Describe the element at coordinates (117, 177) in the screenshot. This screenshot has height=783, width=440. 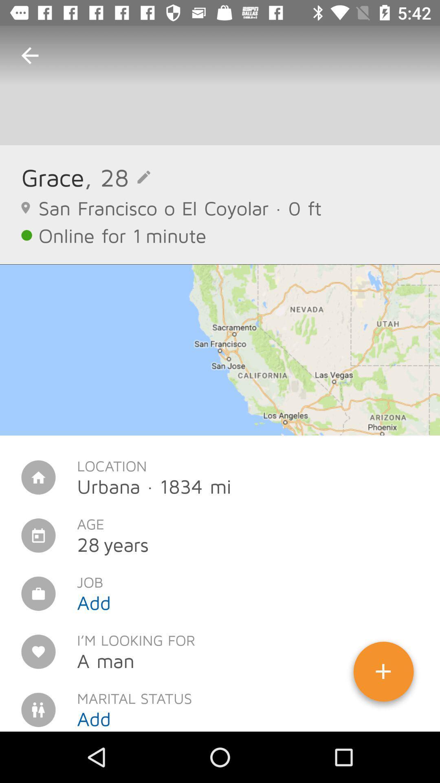
I see `item to the right of the grace icon` at that location.